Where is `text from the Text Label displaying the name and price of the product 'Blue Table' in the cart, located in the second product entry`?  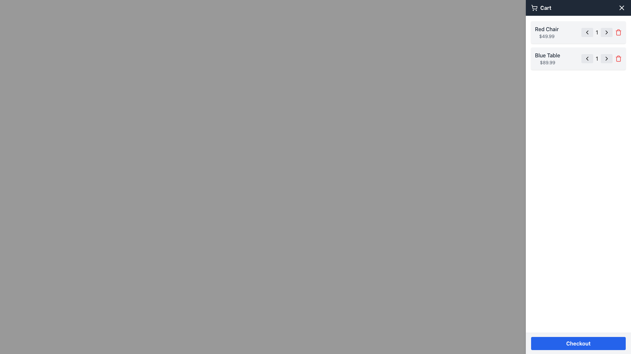 text from the Text Label displaying the name and price of the product 'Blue Table' in the cart, located in the second product entry is located at coordinates (548, 58).